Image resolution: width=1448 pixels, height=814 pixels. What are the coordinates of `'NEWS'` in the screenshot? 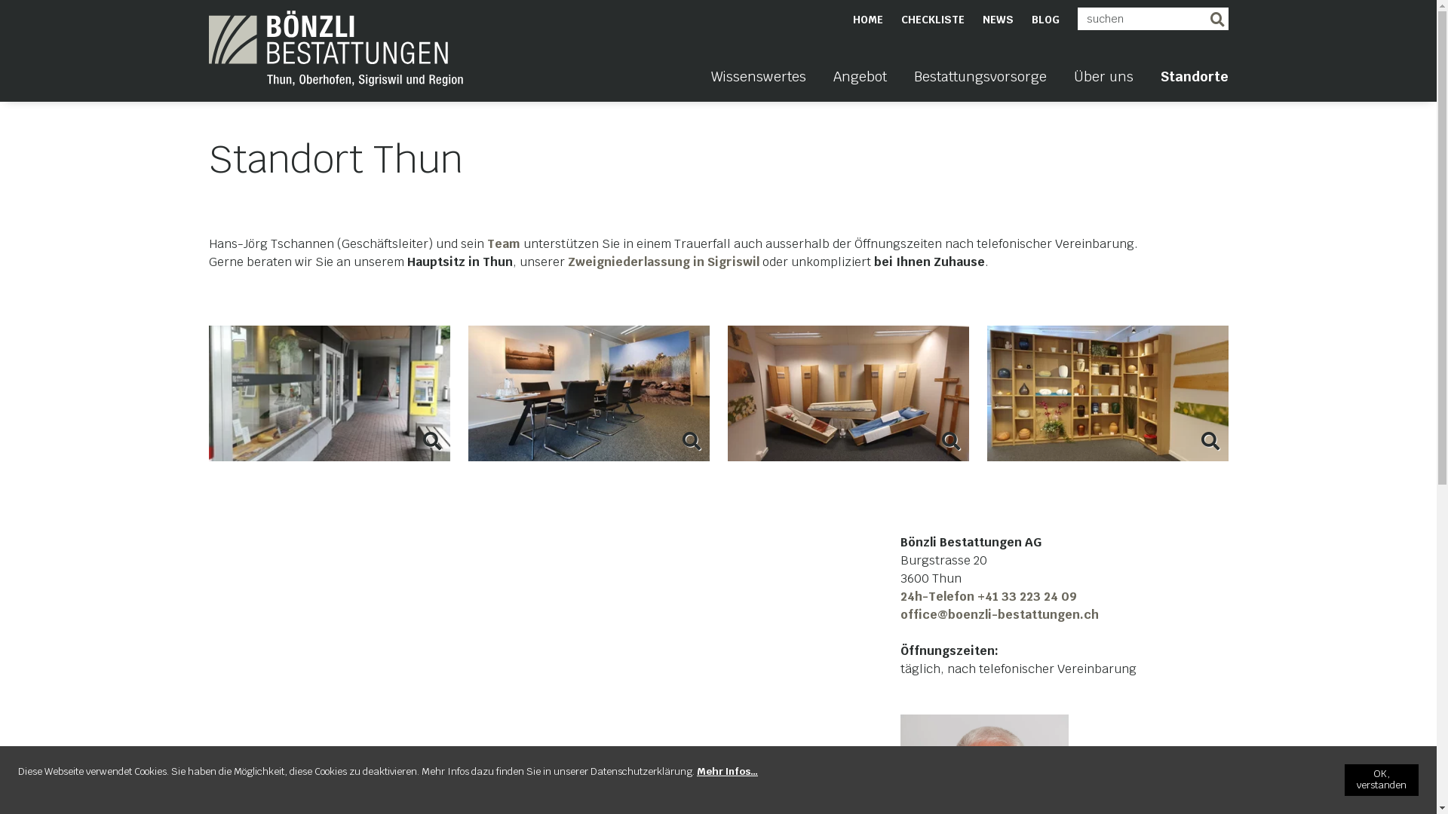 It's located at (997, 20).